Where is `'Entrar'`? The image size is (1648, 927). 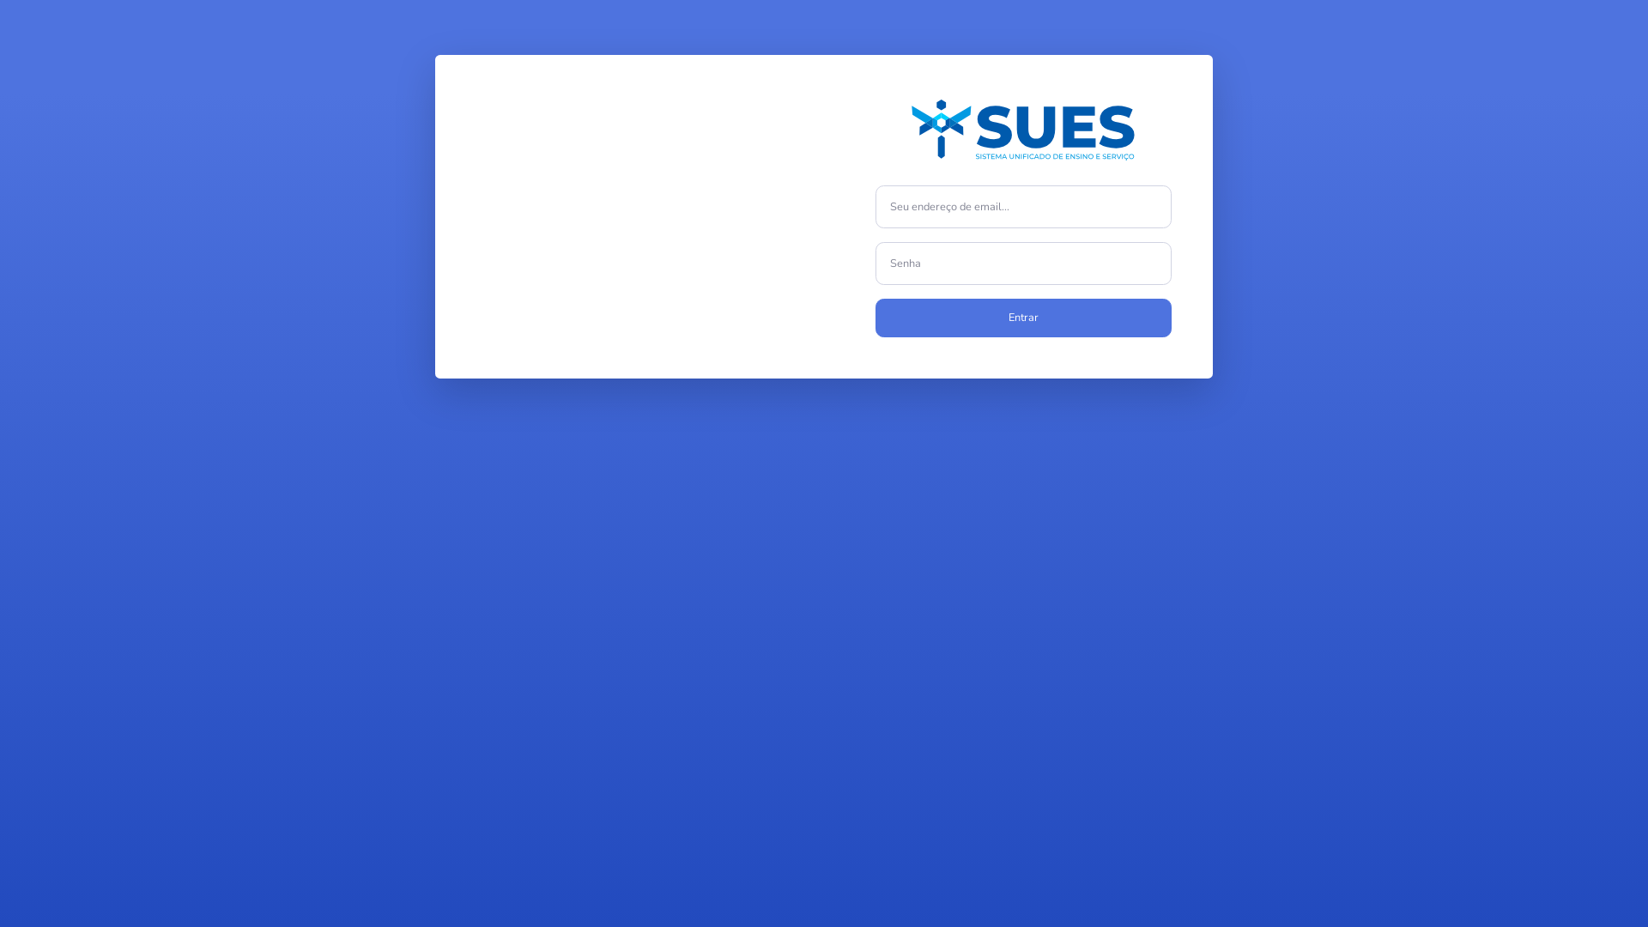 'Entrar' is located at coordinates (1023, 318).